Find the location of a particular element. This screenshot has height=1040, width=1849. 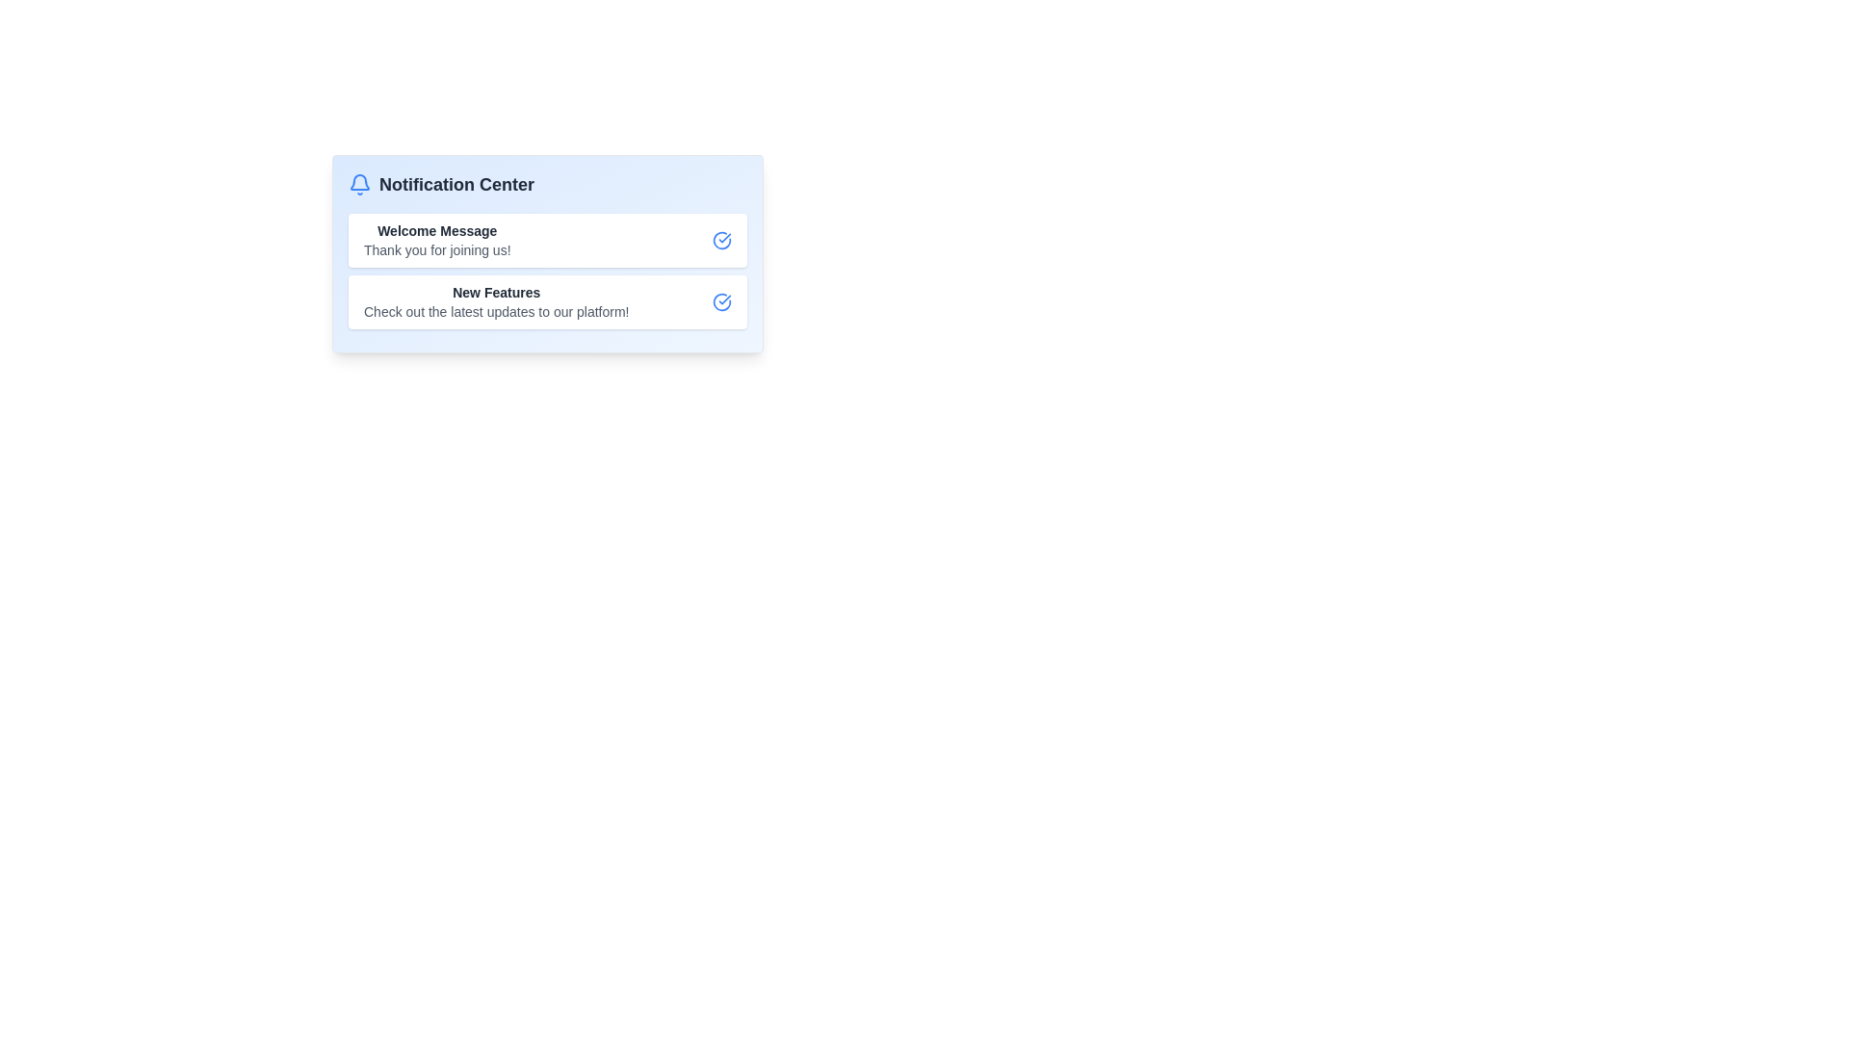

text displayed in the Text Label that serves as a headline for the notification card contents, positioned centrally within the notification card is located at coordinates (496, 293).